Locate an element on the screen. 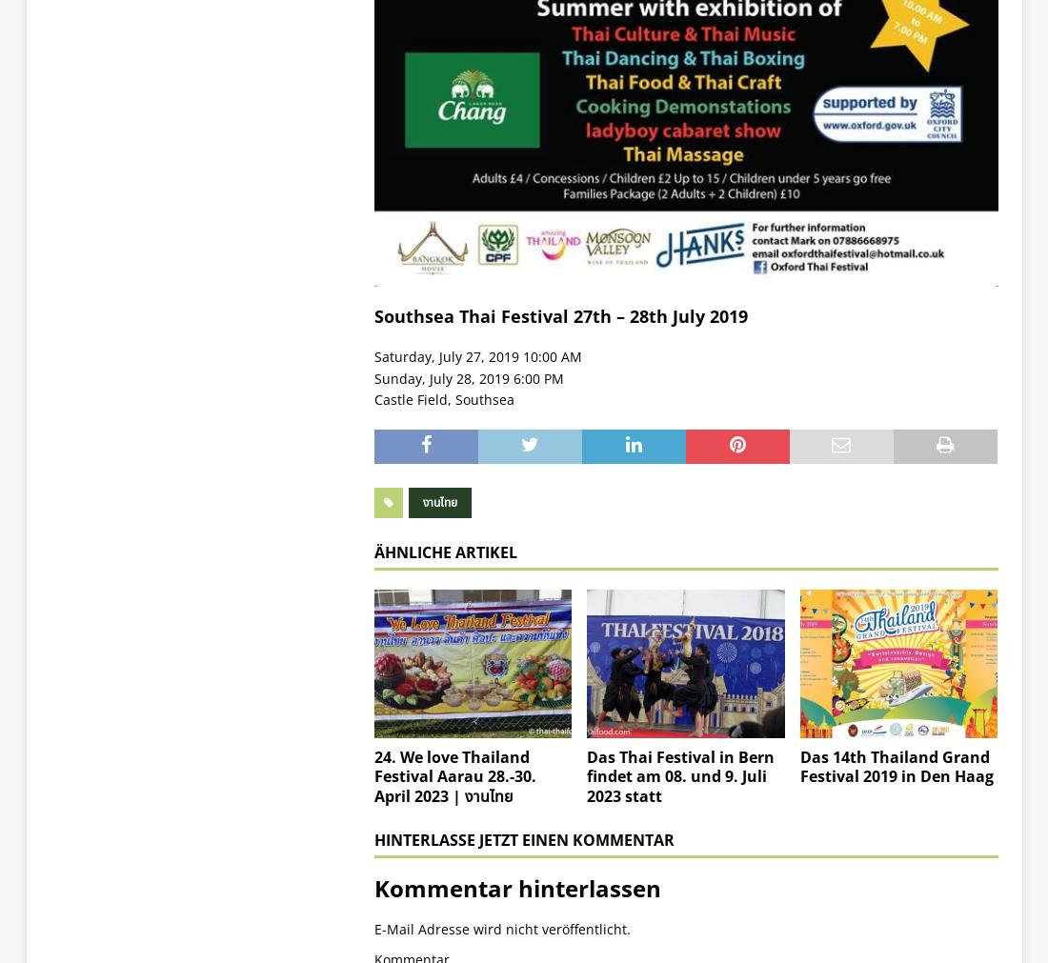 This screenshot has height=963, width=1048. 'Sunday, July 28, 2019 6:00 PM' is located at coordinates (373, 376).